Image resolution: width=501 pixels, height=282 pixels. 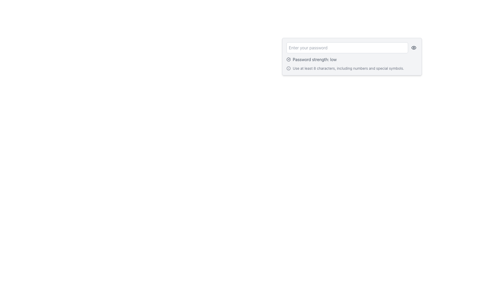 I want to click on guideline provided by the informational text with icon located below the 'Password strength: low' text, so click(x=352, y=68).